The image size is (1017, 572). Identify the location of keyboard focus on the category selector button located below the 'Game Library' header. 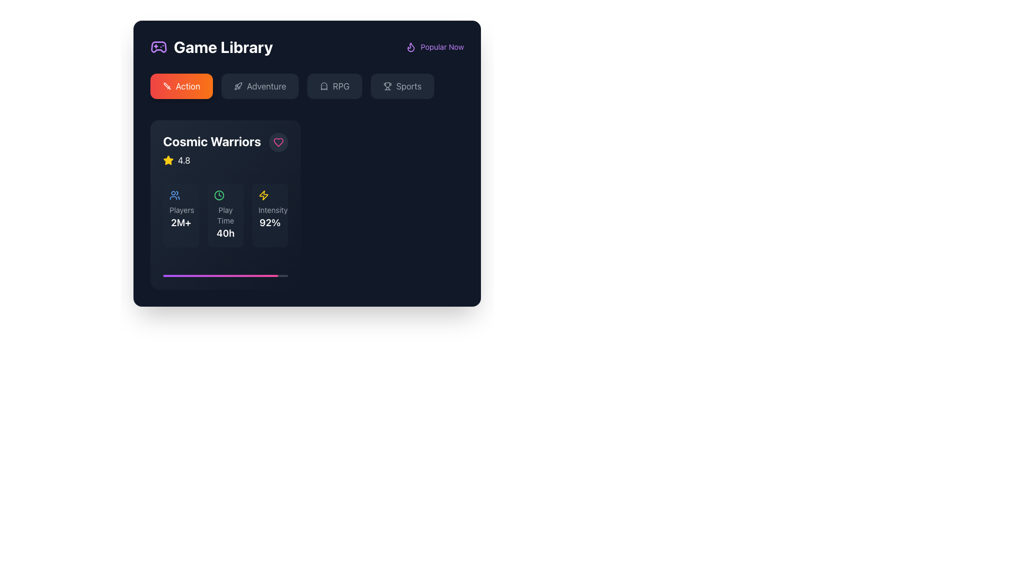
(182, 85).